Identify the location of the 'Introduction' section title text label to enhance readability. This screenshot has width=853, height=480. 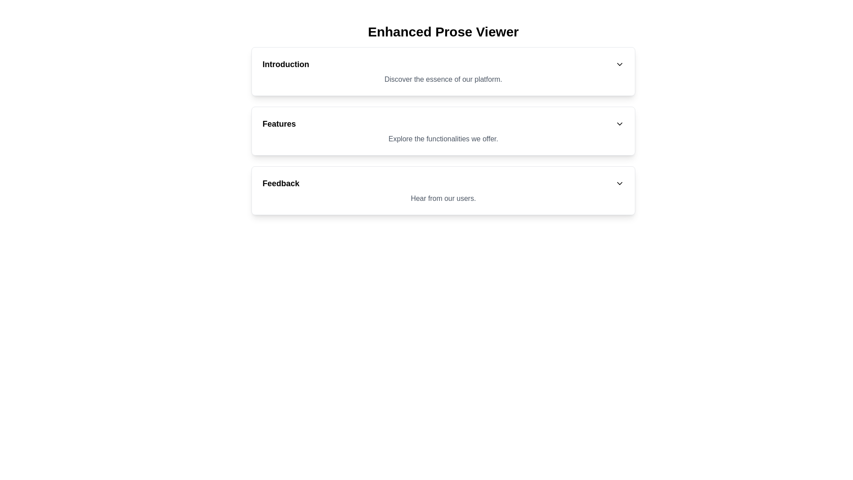
(286, 64).